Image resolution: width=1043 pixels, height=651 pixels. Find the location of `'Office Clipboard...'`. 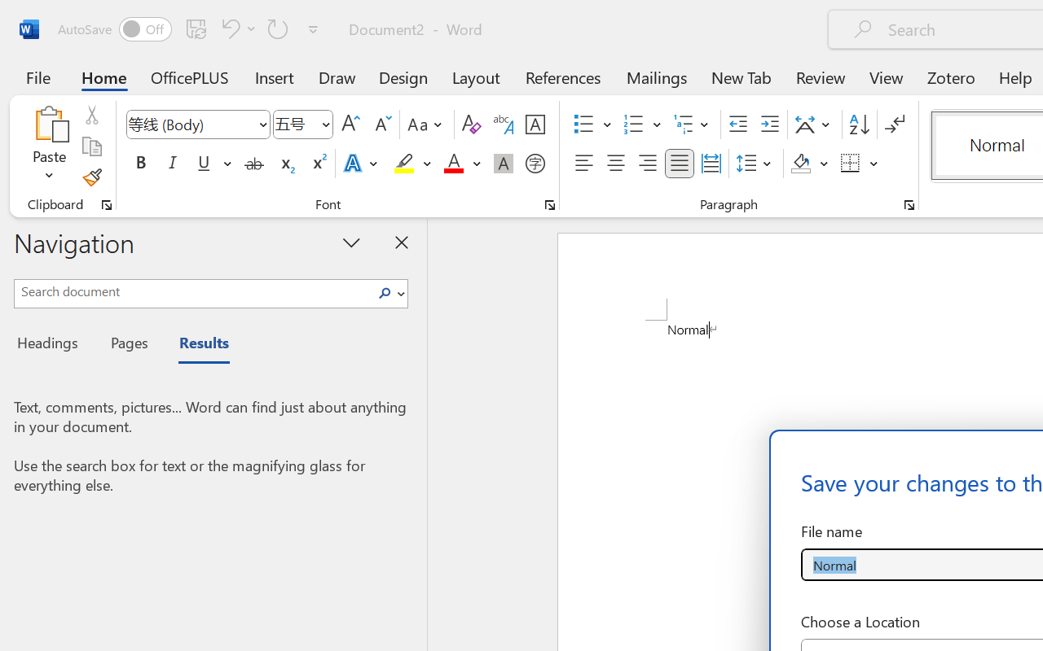

'Office Clipboard...' is located at coordinates (106, 204).